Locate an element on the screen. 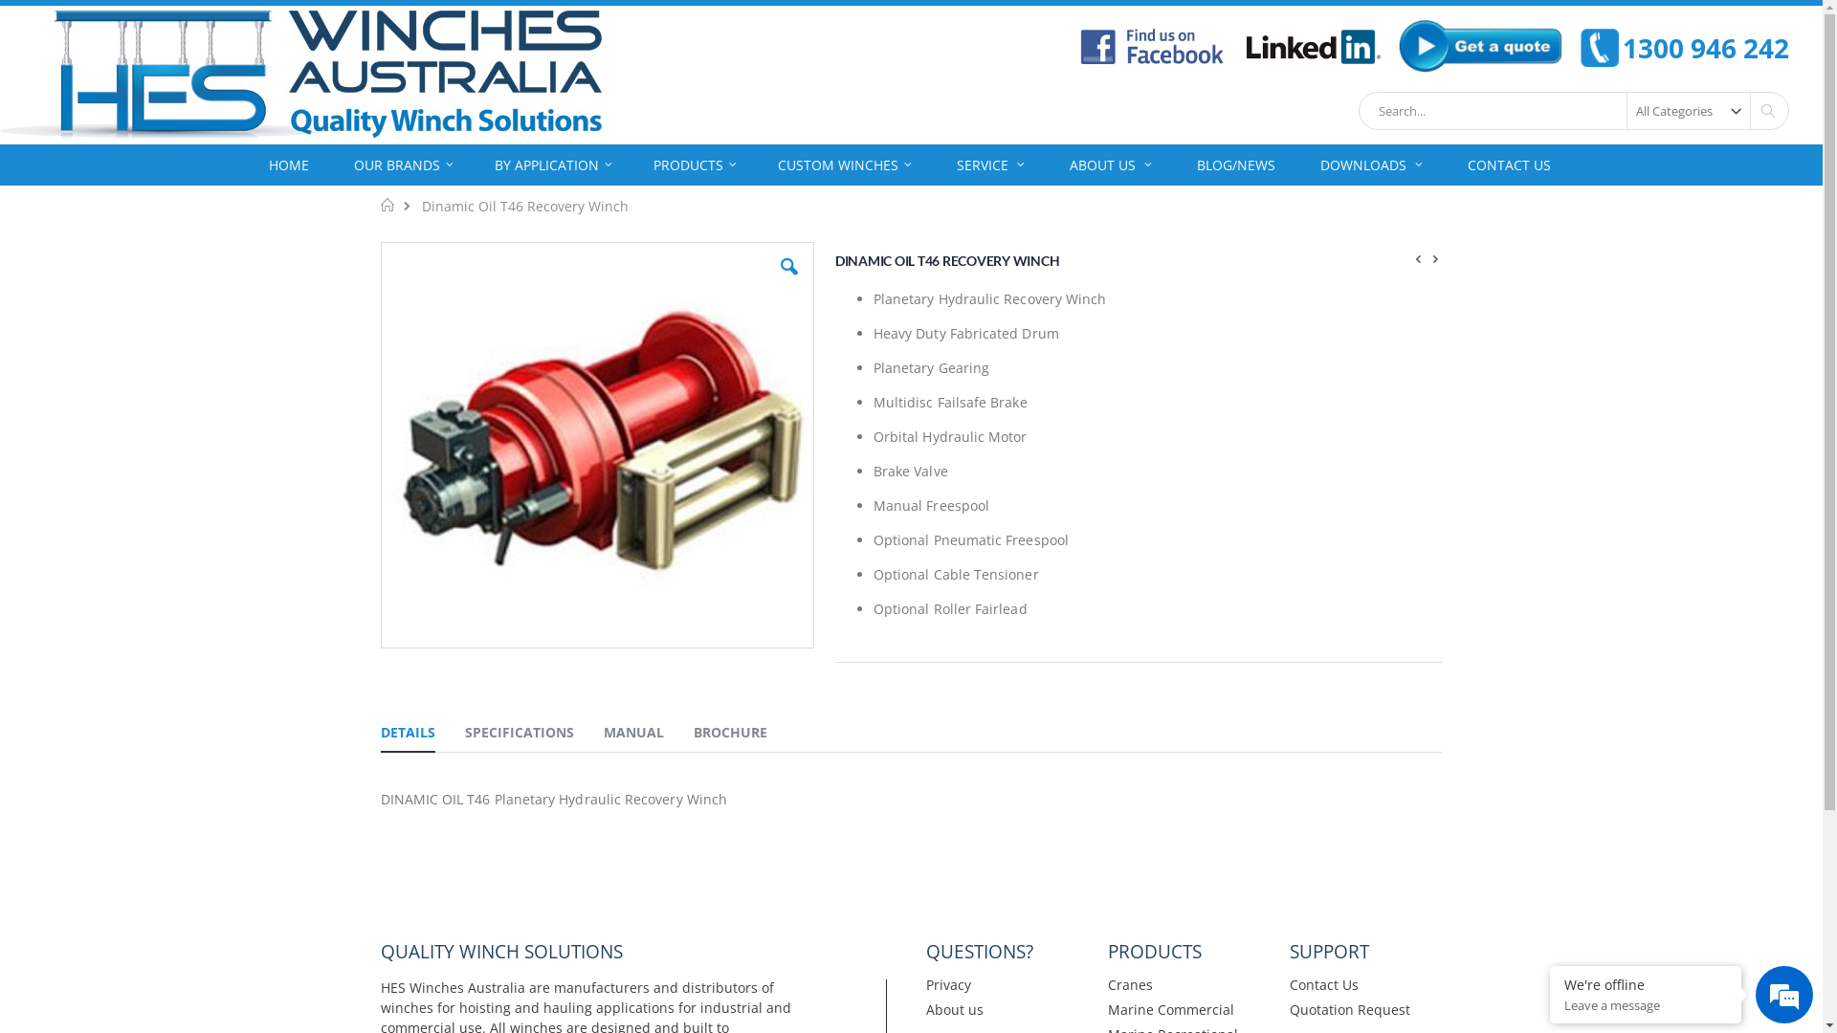 Image resolution: width=1837 pixels, height=1033 pixels. 'SPECIFICATIONS' is located at coordinates (519, 734).